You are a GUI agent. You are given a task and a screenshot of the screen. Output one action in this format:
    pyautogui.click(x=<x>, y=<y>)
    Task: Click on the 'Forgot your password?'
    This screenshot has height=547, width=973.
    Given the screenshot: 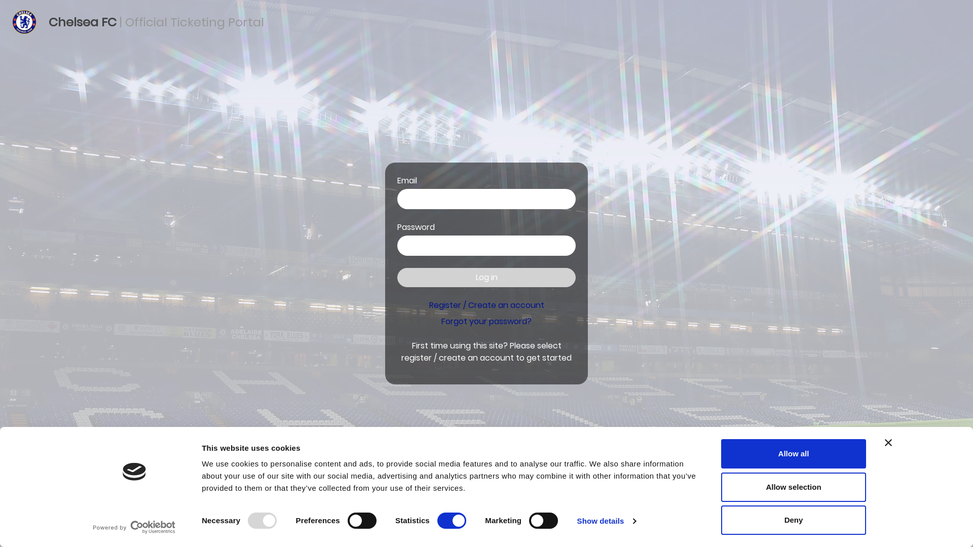 What is the action you would take?
    pyautogui.click(x=486, y=321)
    